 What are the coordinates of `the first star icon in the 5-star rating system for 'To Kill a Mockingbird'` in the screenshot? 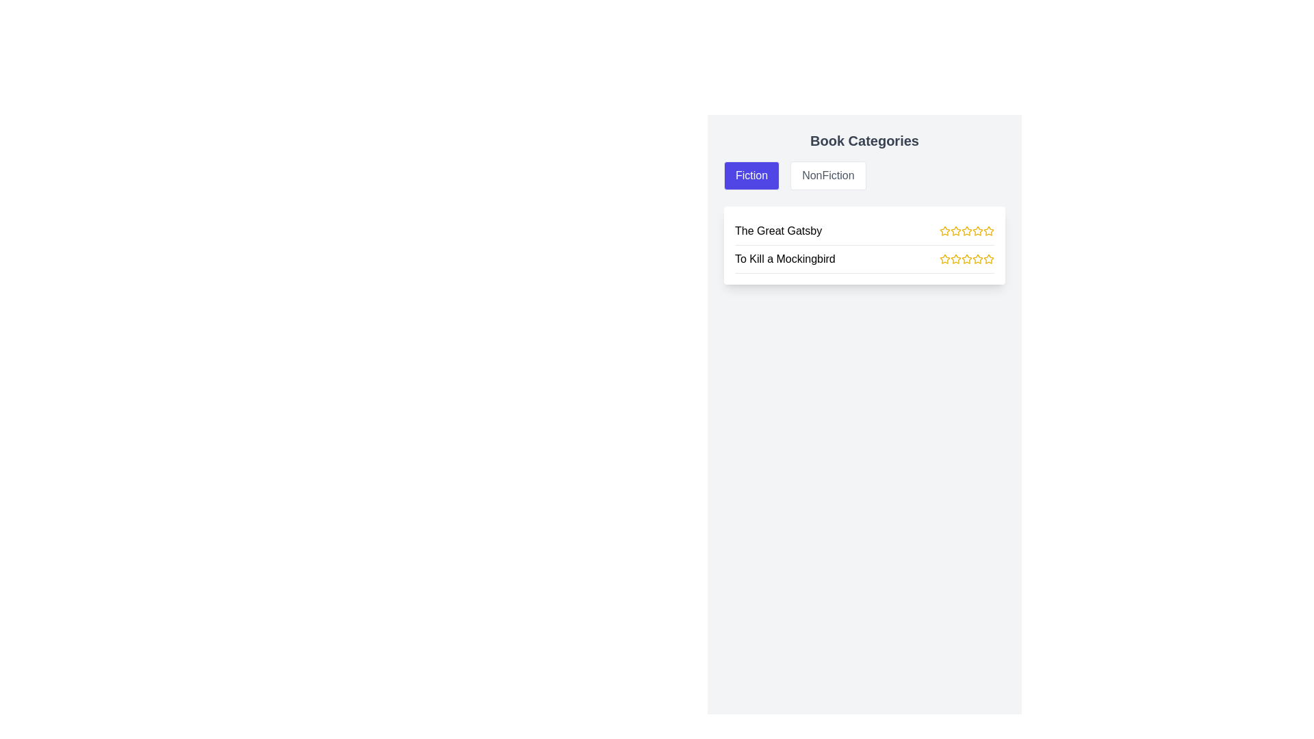 It's located at (944, 259).